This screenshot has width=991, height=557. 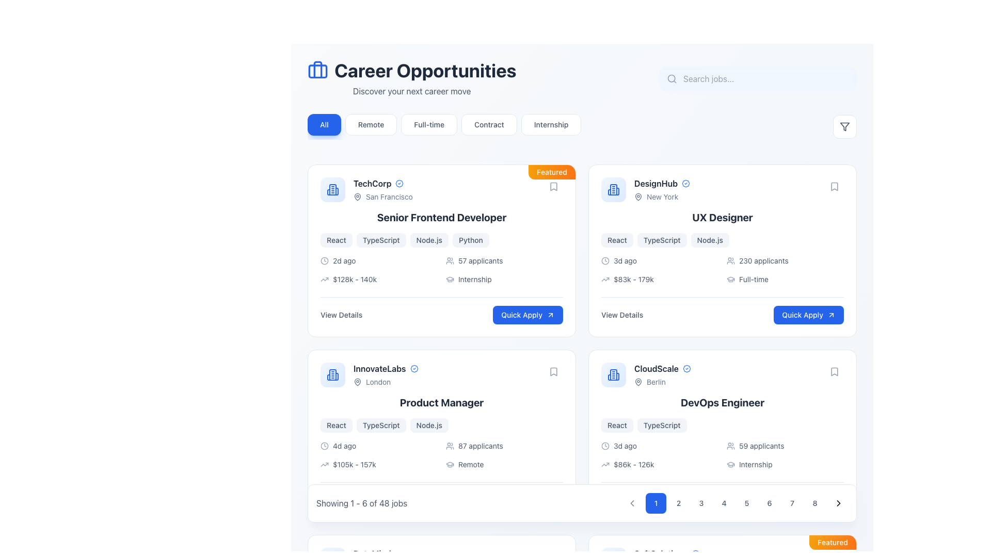 What do you see at coordinates (617, 240) in the screenshot?
I see `the first tag label in the job posting section labeled 'DesignHub - UX Designer'` at bounding box center [617, 240].